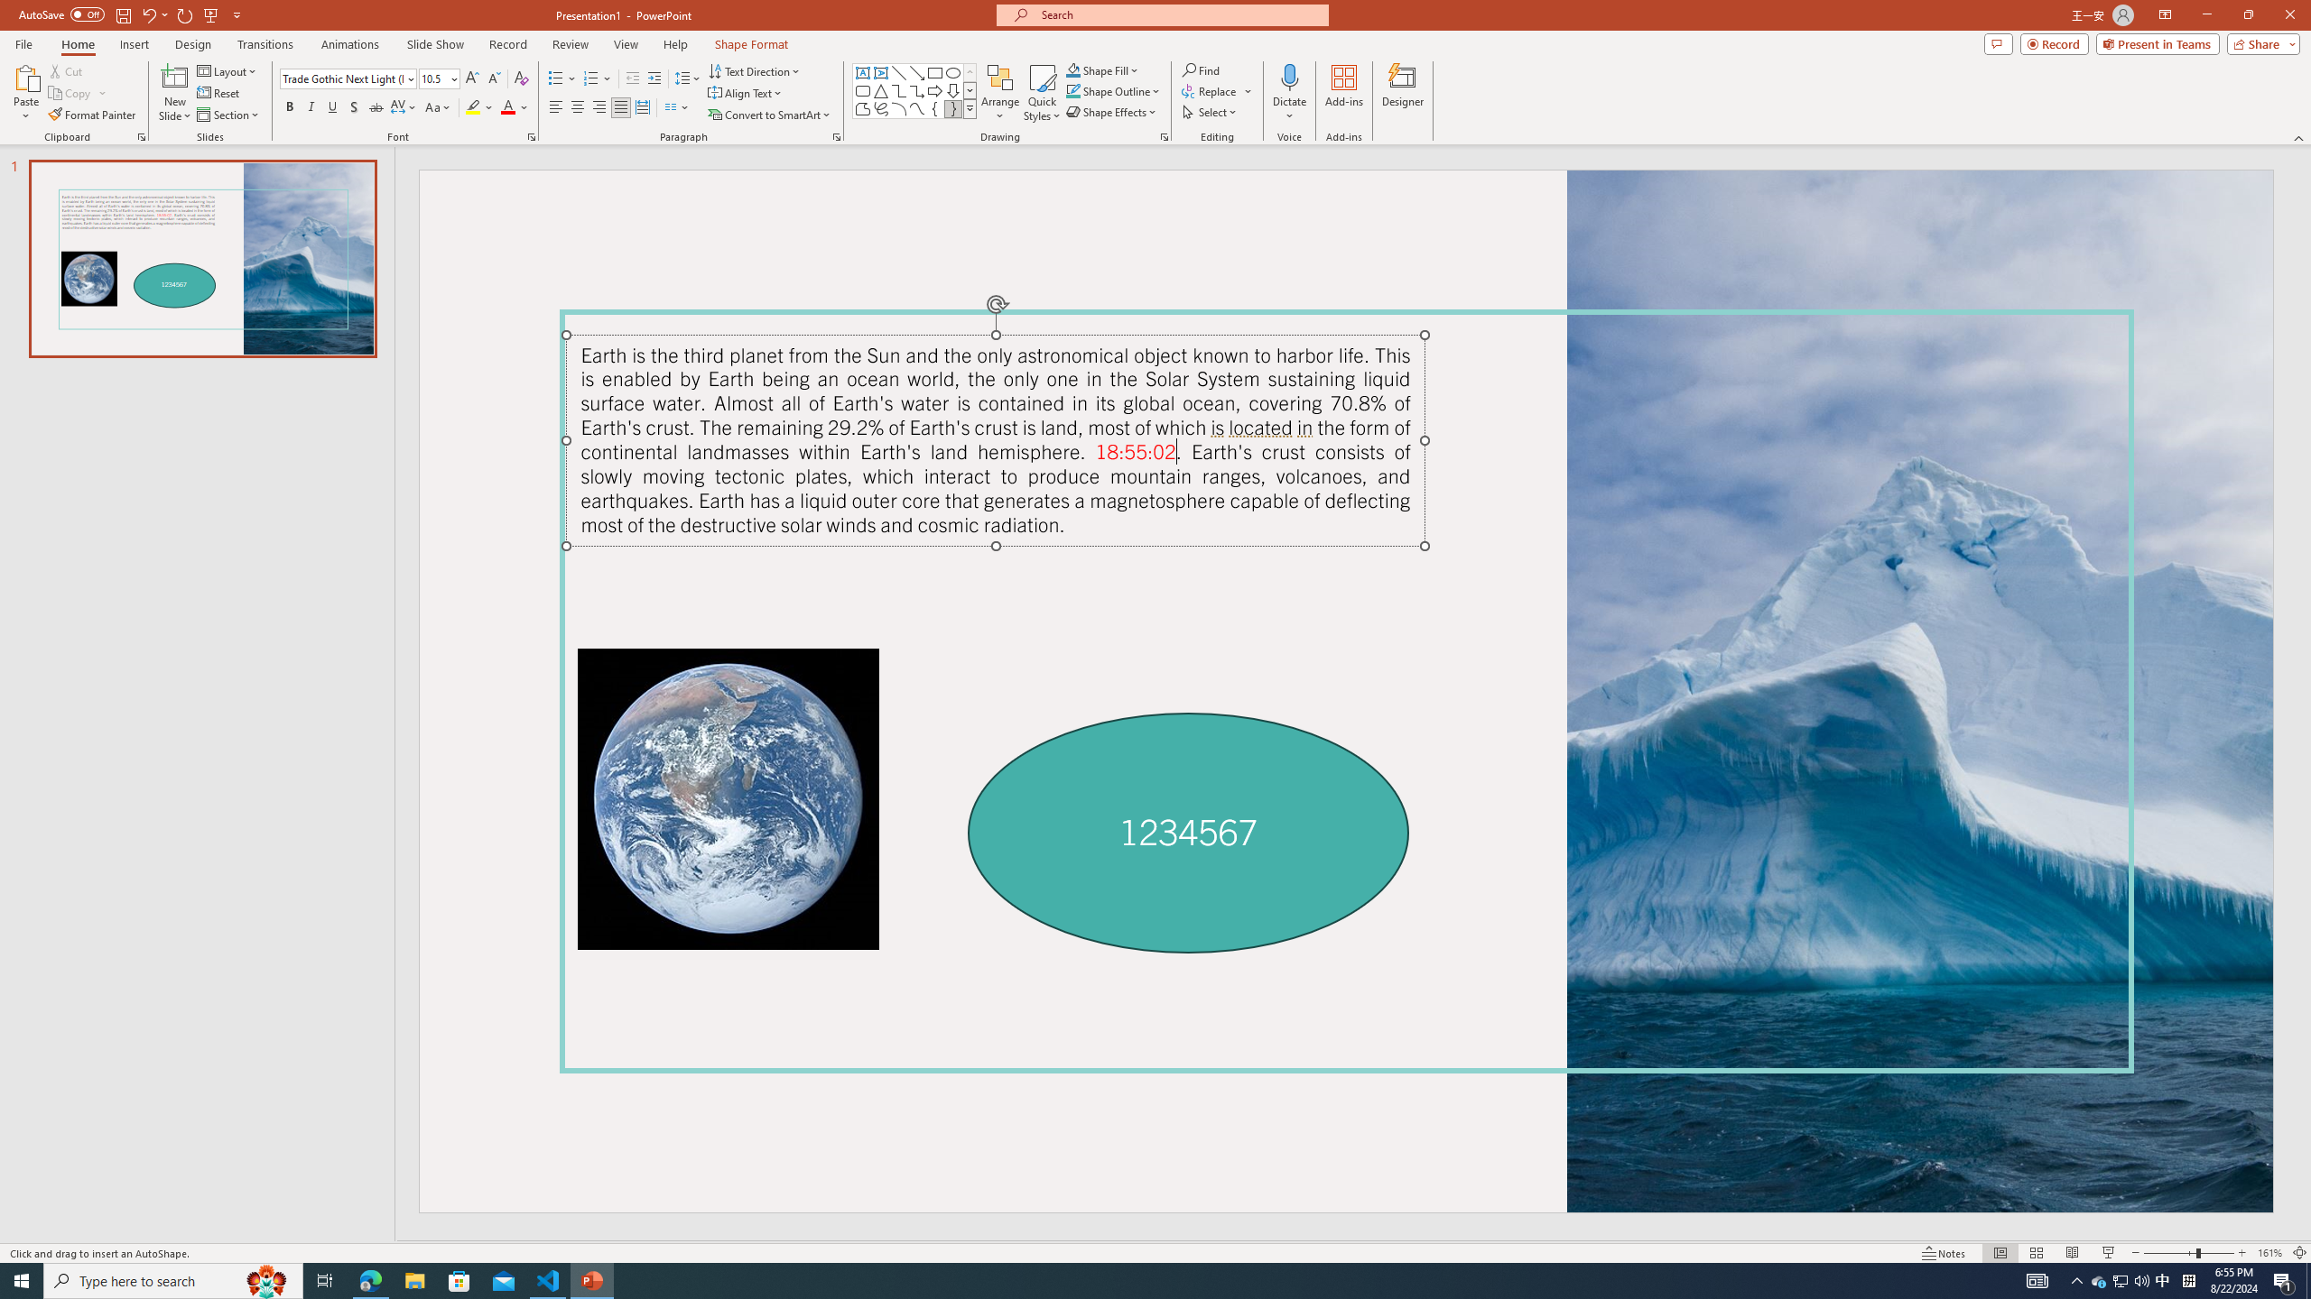 The height and width of the screenshot is (1299, 2311). I want to click on 'Office Clipboard...', so click(140, 135).